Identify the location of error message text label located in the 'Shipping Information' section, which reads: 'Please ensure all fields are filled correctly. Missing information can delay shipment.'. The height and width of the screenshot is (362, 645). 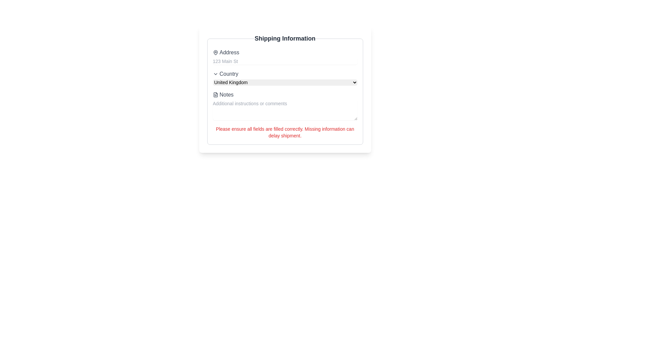
(285, 132).